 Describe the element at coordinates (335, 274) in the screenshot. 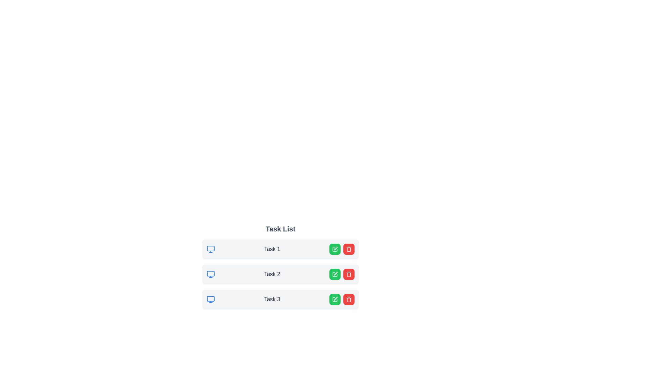

I see `the pen icon button with a green background and white border, located in the second row of the 'Task List' section, right of 'Task 2' and left of the red delete button` at that location.